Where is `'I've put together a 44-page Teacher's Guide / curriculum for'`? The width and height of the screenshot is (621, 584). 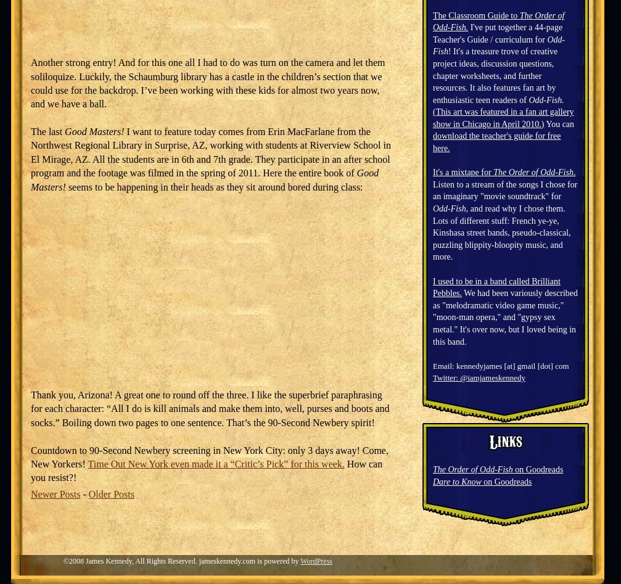
'I've put together a 44-page Teacher's Guide / curriculum for' is located at coordinates (497, 33).